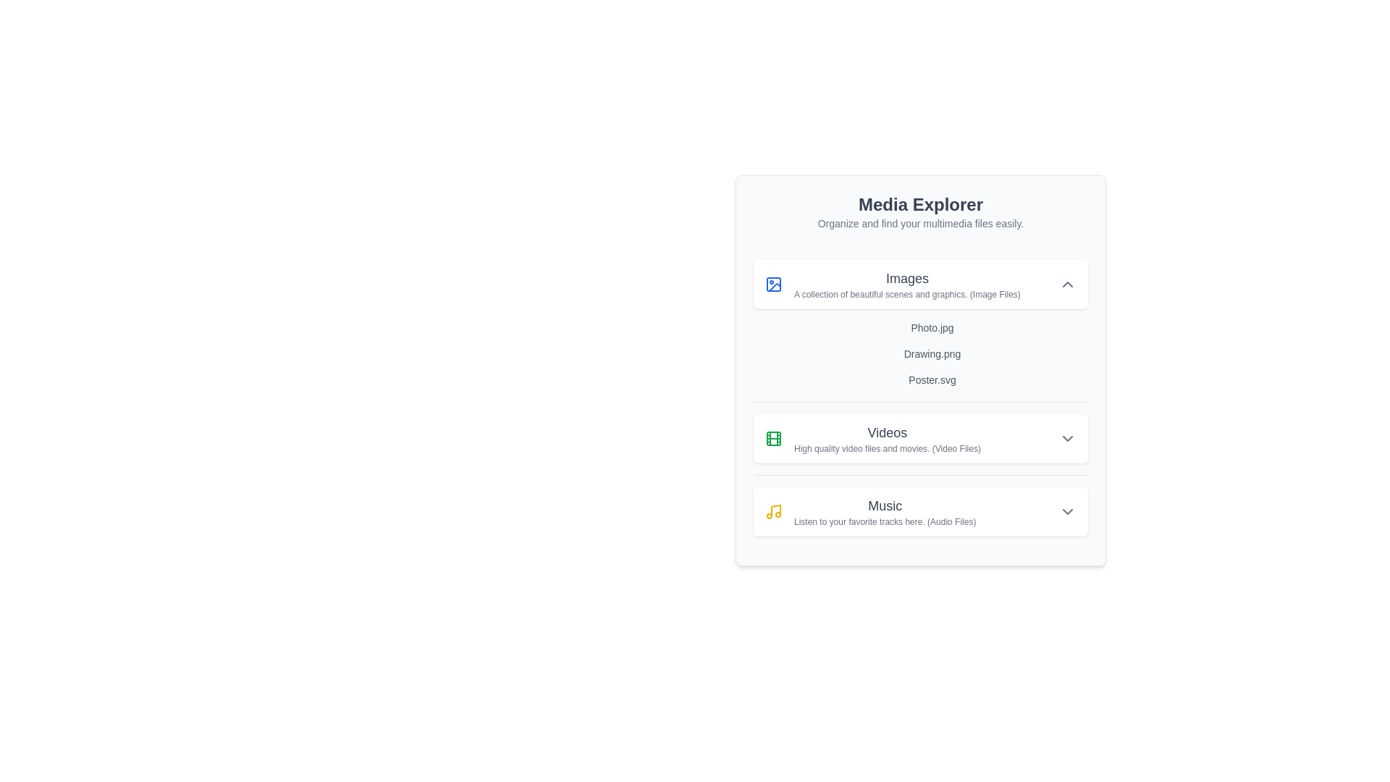 The image size is (1390, 782). What do you see at coordinates (884, 510) in the screenshot?
I see `the 'Music' section header and description text block located under the 'Videos' section in the 'Media Explorer' interface` at bounding box center [884, 510].